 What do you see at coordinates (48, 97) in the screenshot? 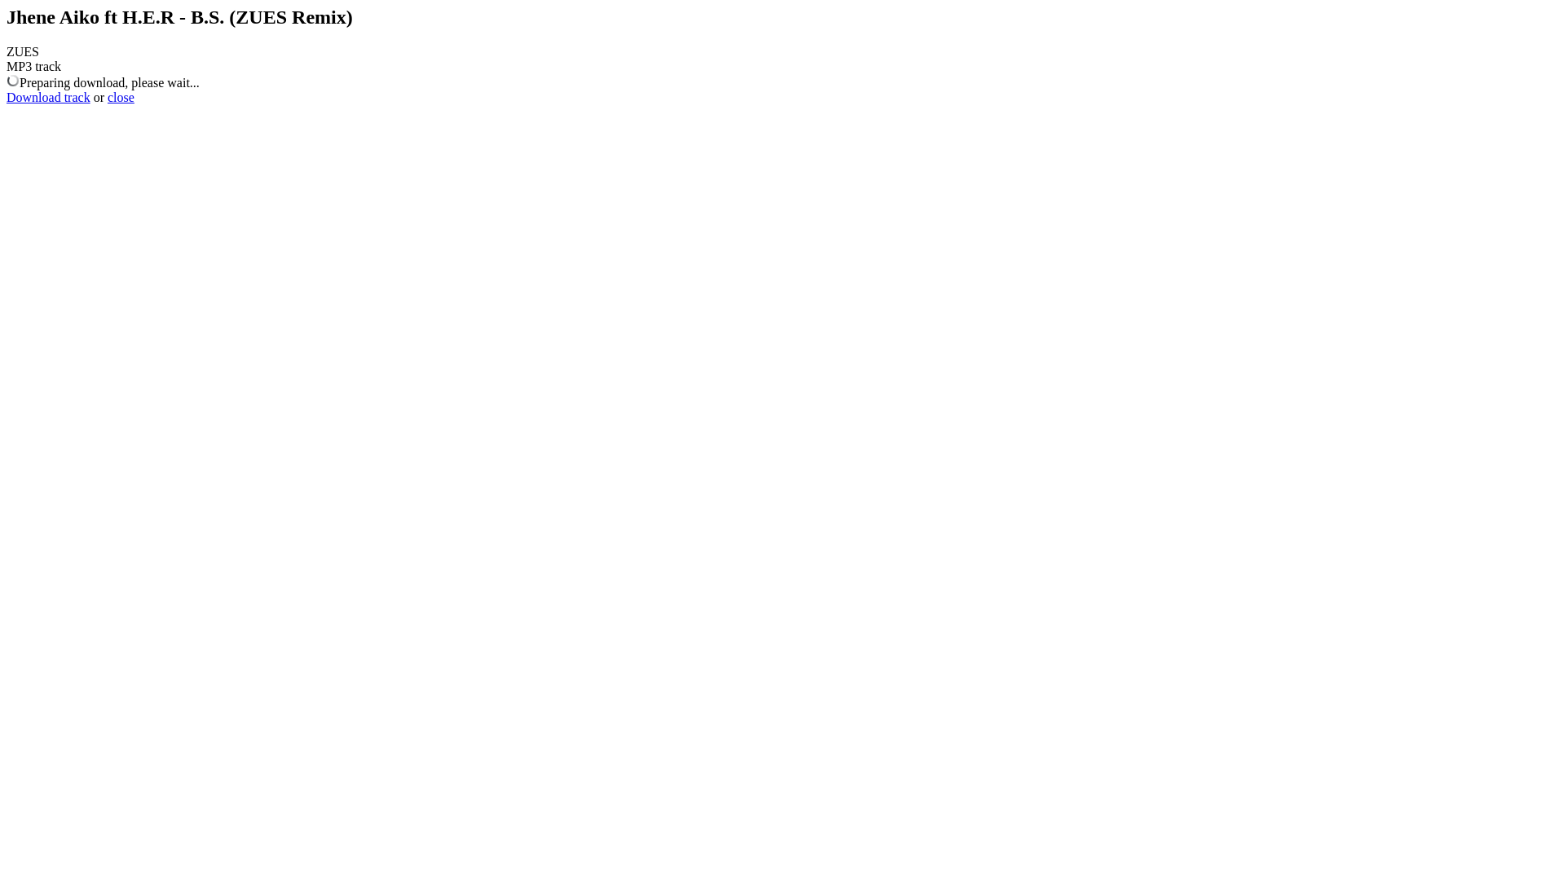
I see `'Download track'` at bounding box center [48, 97].